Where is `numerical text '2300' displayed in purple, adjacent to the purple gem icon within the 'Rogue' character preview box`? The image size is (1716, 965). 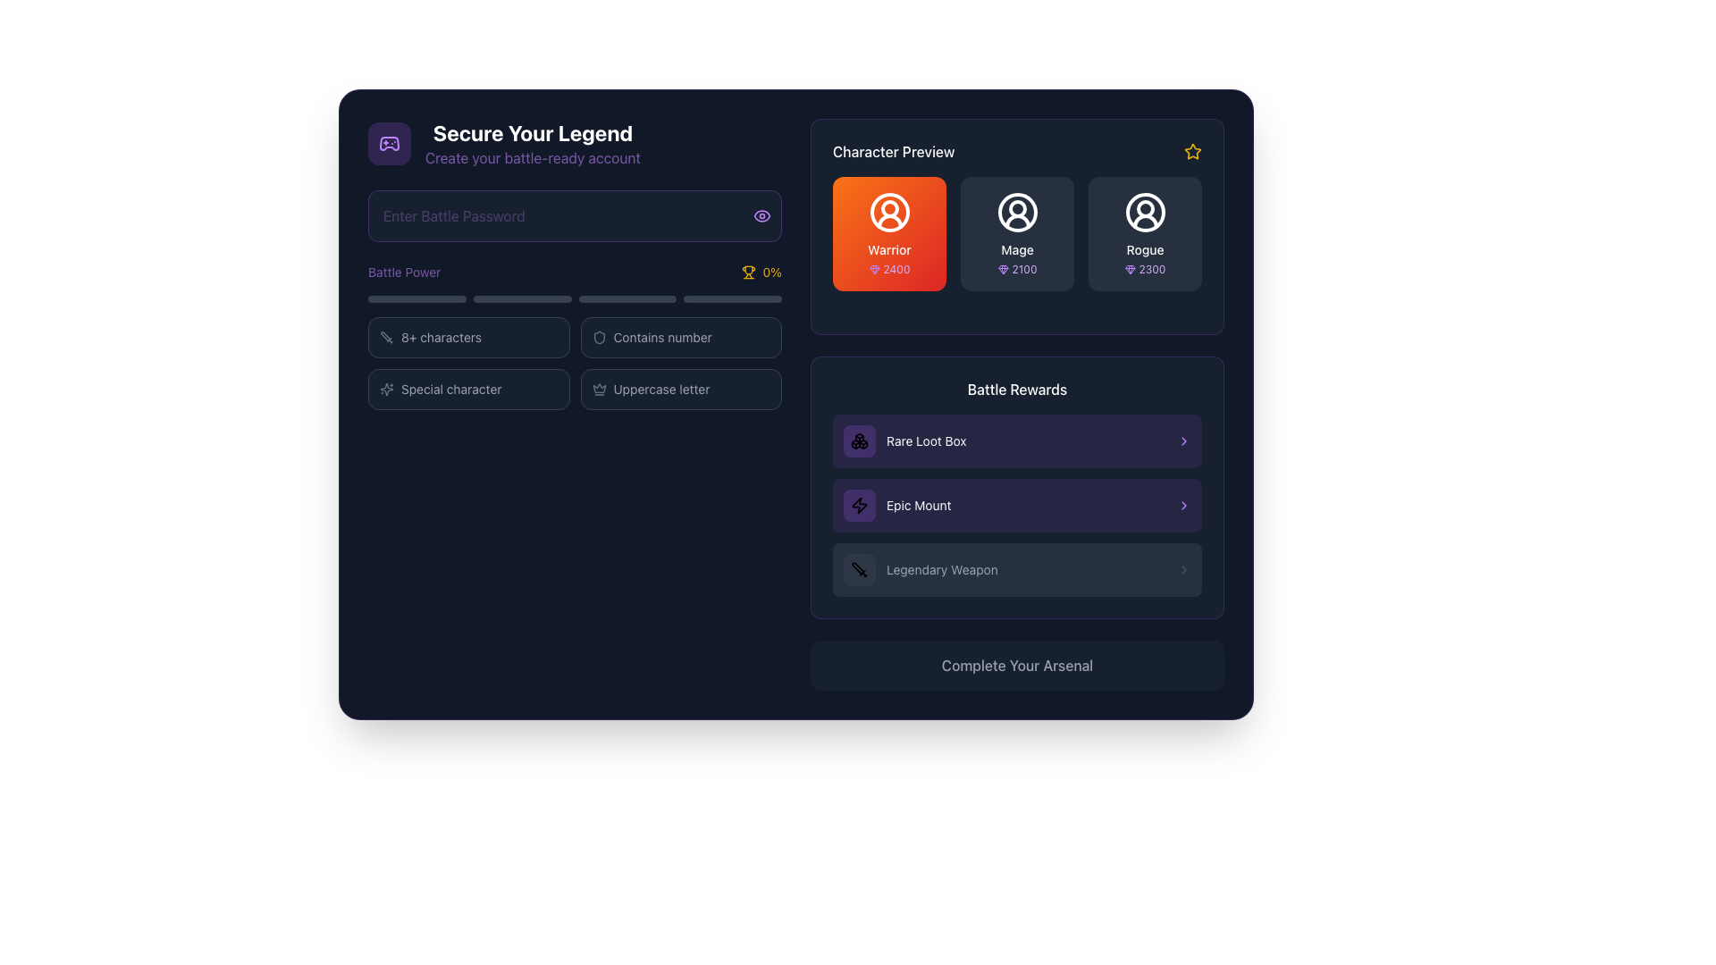 numerical text '2300' displayed in purple, adjacent to the purple gem icon within the 'Rogue' character preview box is located at coordinates (1145, 269).